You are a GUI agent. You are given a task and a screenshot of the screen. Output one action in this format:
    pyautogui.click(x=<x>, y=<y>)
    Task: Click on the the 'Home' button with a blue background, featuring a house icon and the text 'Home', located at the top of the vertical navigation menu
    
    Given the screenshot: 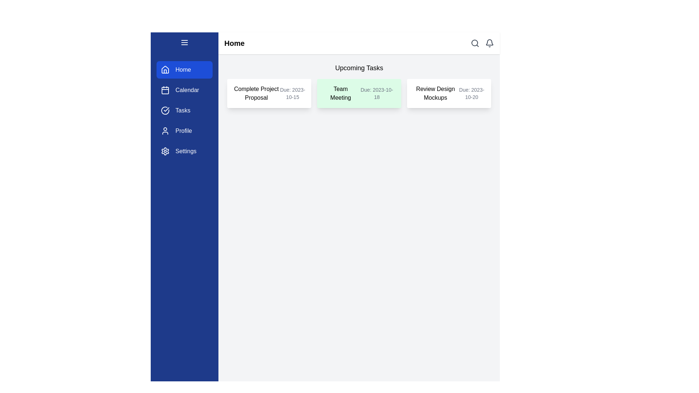 What is the action you would take?
    pyautogui.click(x=185, y=70)
    